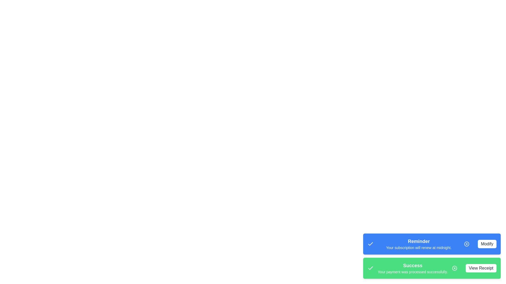 Image resolution: width=506 pixels, height=284 pixels. What do you see at coordinates (418, 244) in the screenshot?
I see `the text content of the snackbar message Reminder` at bounding box center [418, 244].